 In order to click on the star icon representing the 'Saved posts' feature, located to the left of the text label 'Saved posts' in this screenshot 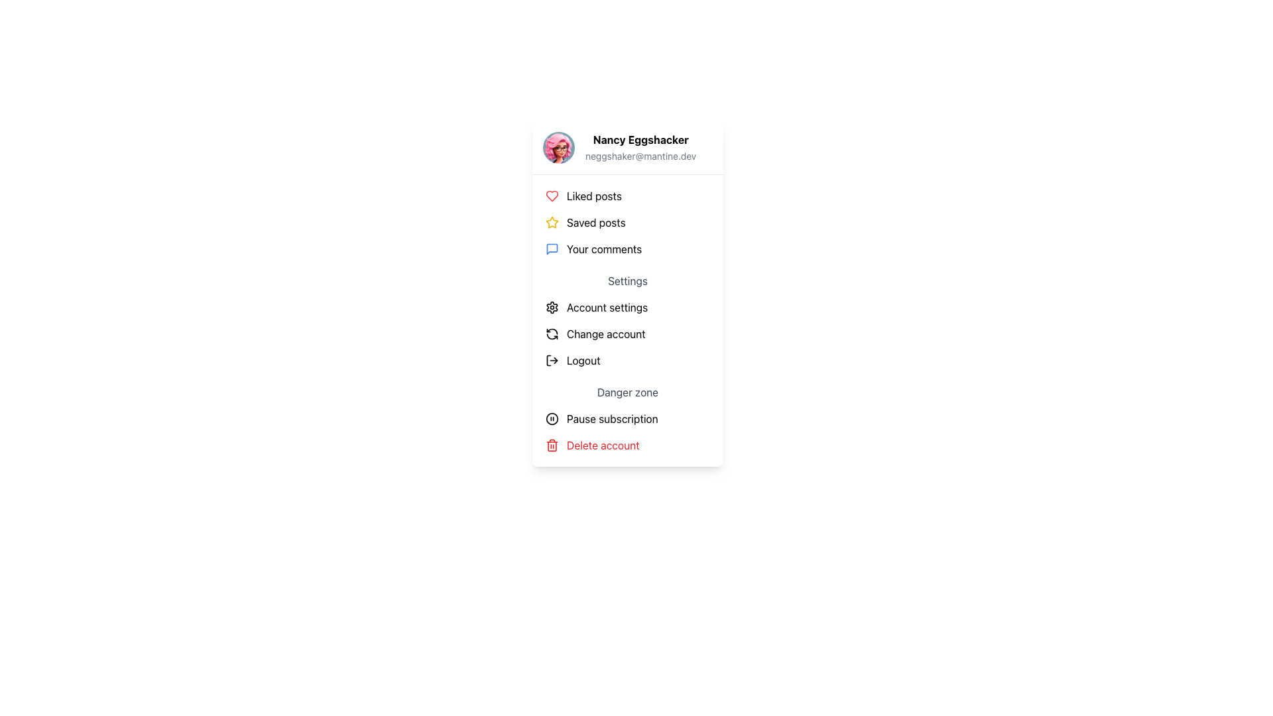, I will do `click(552, 221)`.